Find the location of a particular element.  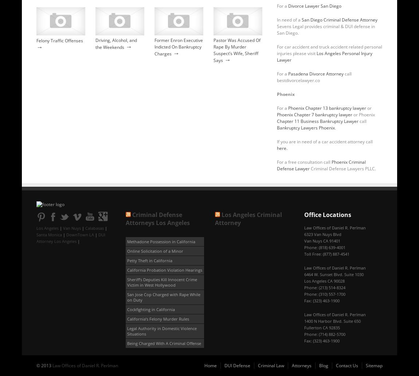

'Van Nuys' is located at coordinates (71, 228).